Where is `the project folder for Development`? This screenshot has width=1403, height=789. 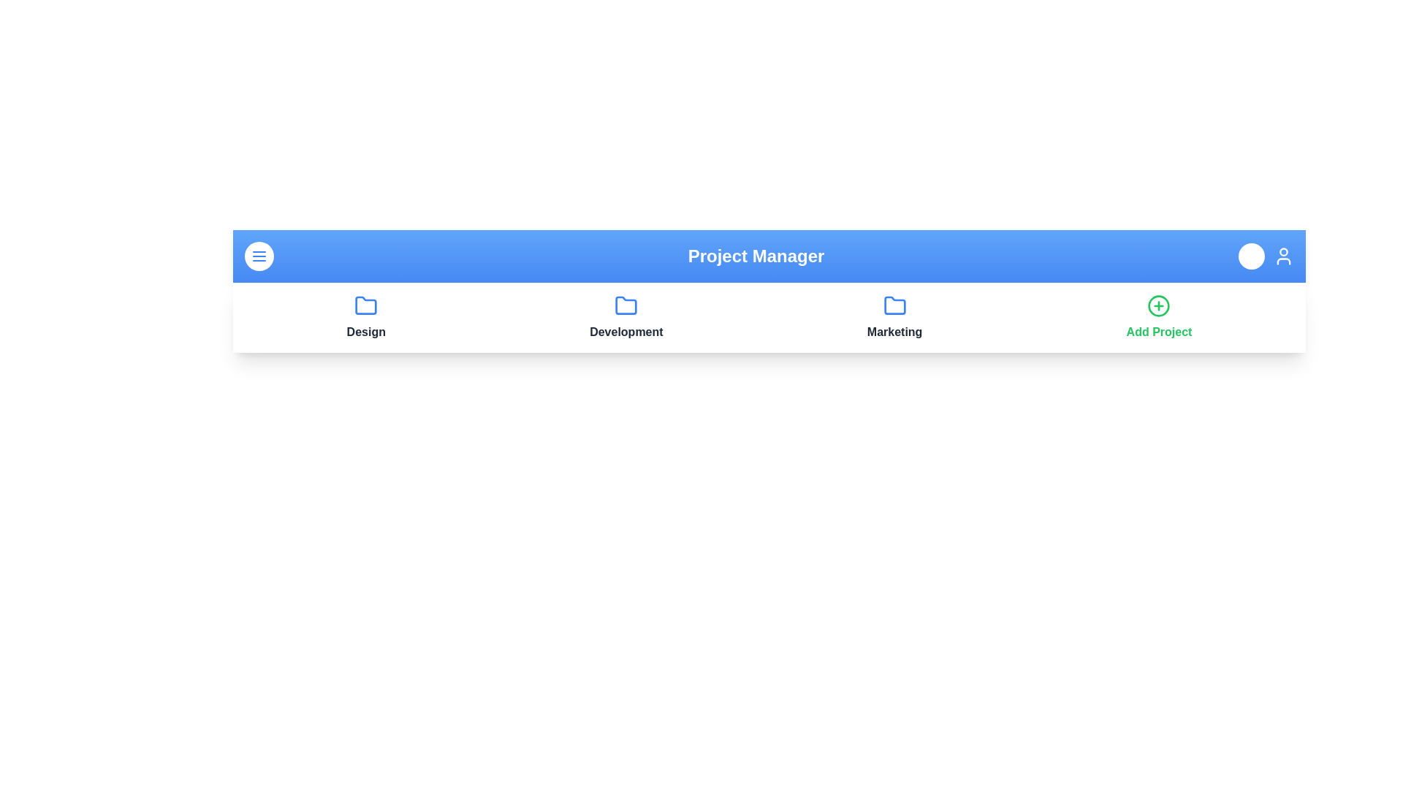
the project folder for Development is located at coordinates (626, 305).